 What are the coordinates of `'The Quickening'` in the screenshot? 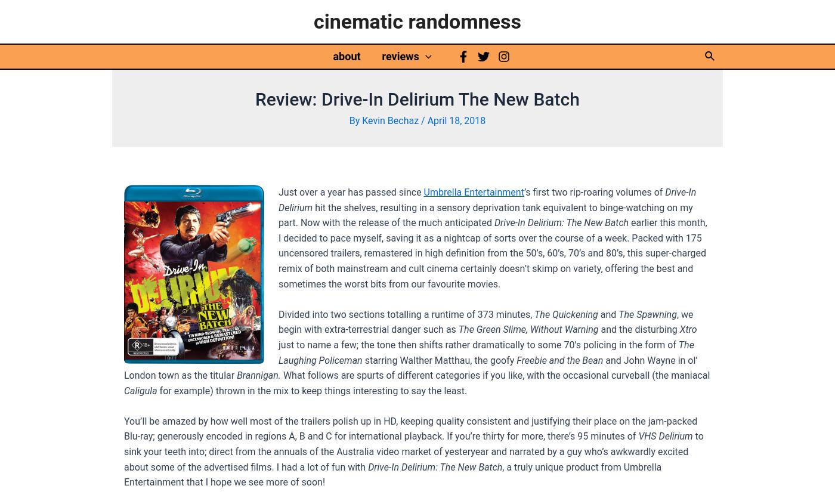 It's located at (531, 314).